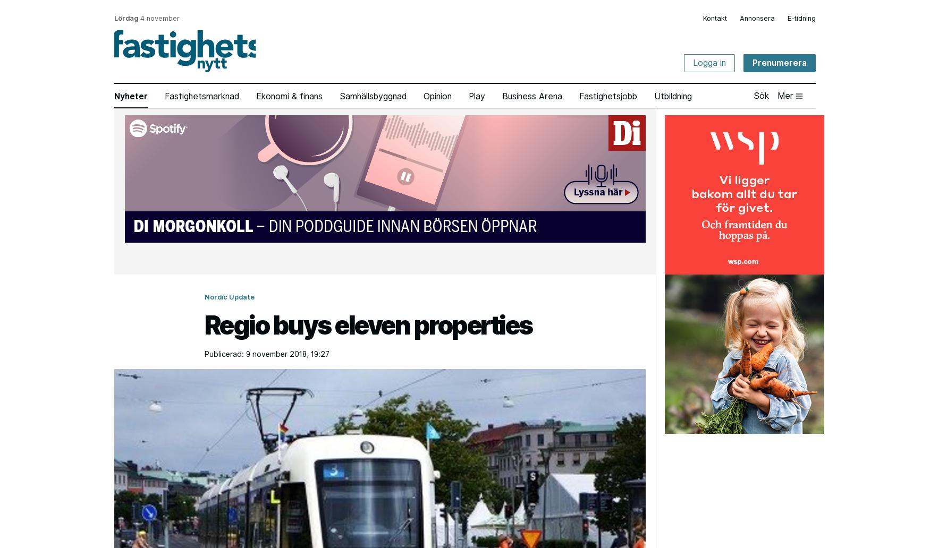  Describe the element at coordinates (229, 297) in the screenshot. I see `'Nordic Update'` at that location.